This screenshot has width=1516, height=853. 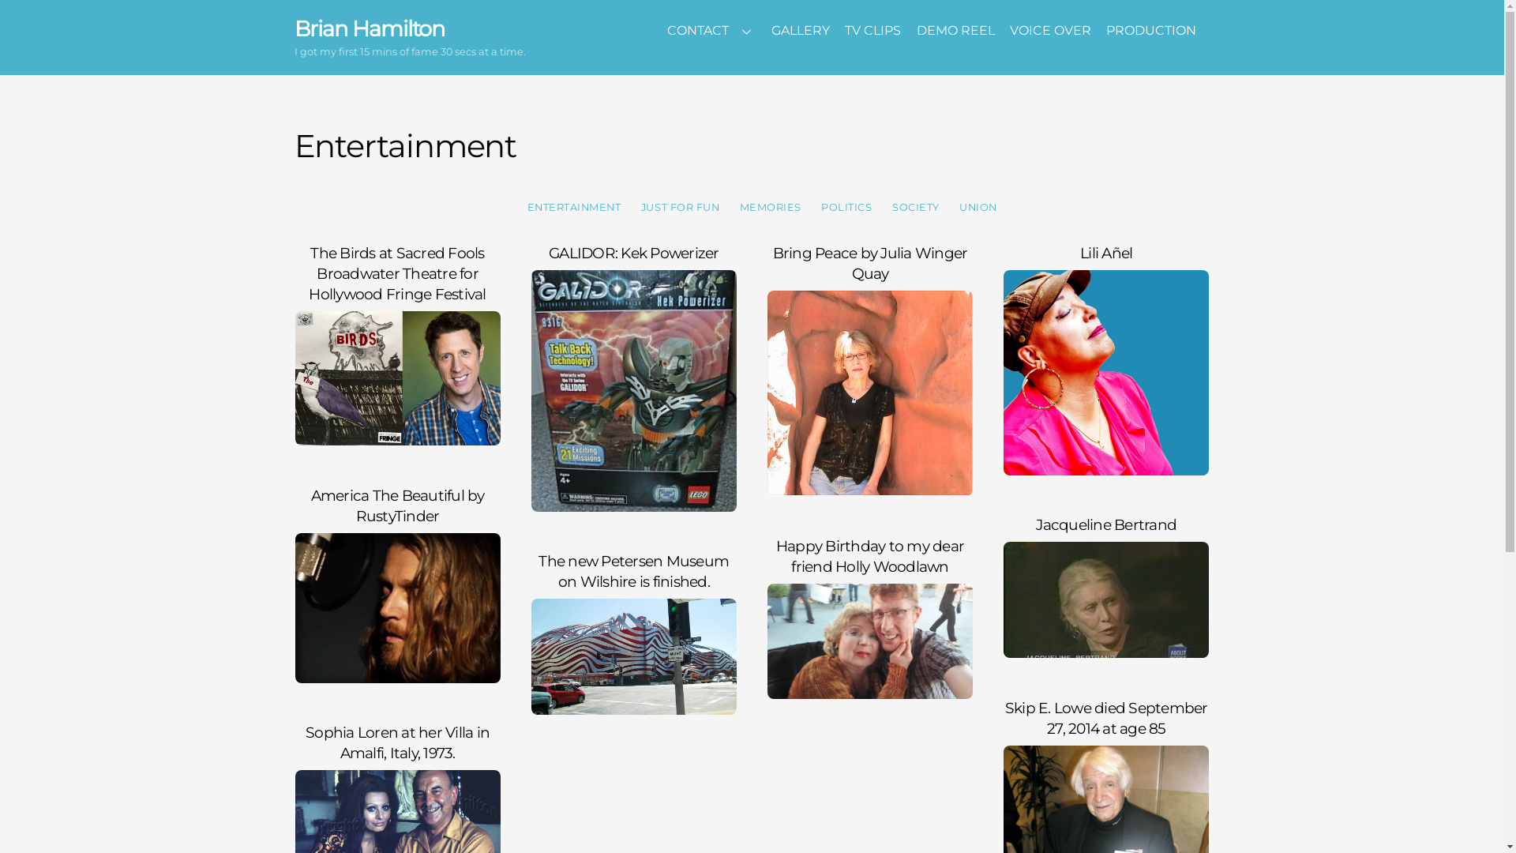 I want to click on 'SOCIETY', so click(x=915, y=206).